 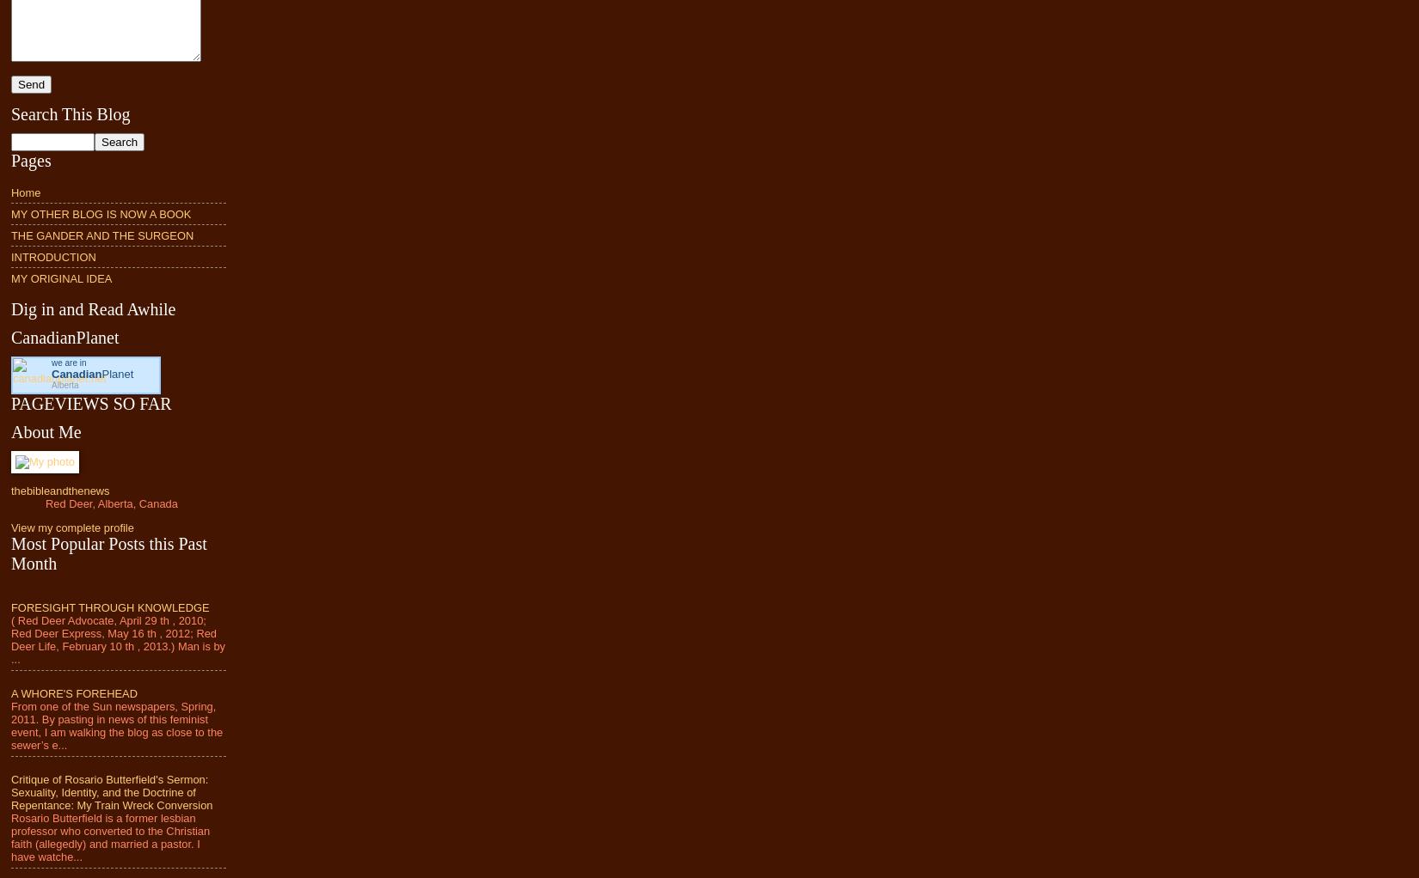 I want to click on 'CanadianPlanet', so click(x=64, y=336).